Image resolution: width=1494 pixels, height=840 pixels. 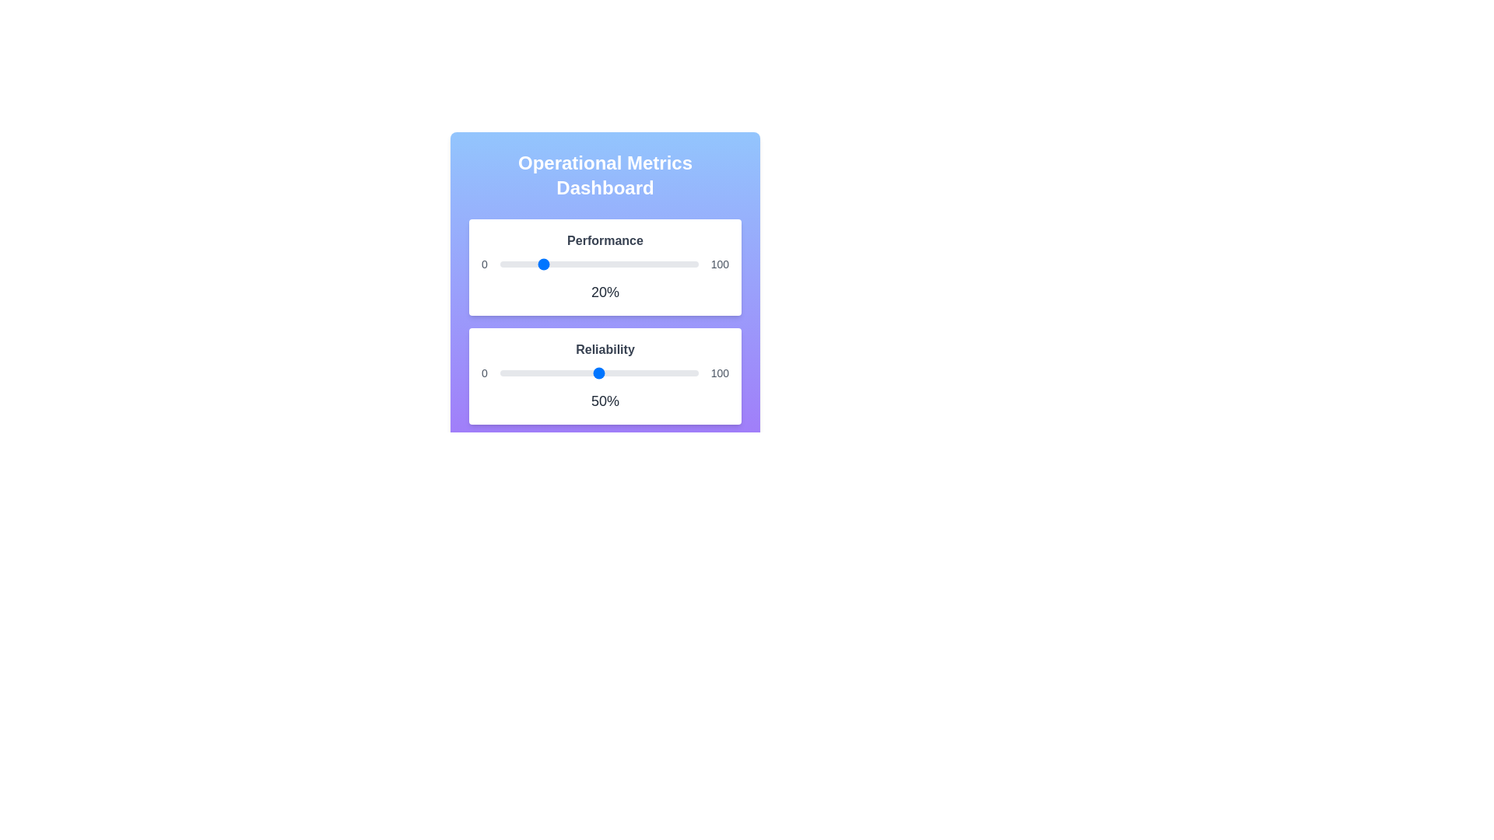 What do you see at coordinates (483, 373) in the screenshot?
I see `static text label displaying the value '0' in gray color, positioned on the left side of the slider range in the lower panel labeled 'Reliability'` at bounding box center [483, 373].